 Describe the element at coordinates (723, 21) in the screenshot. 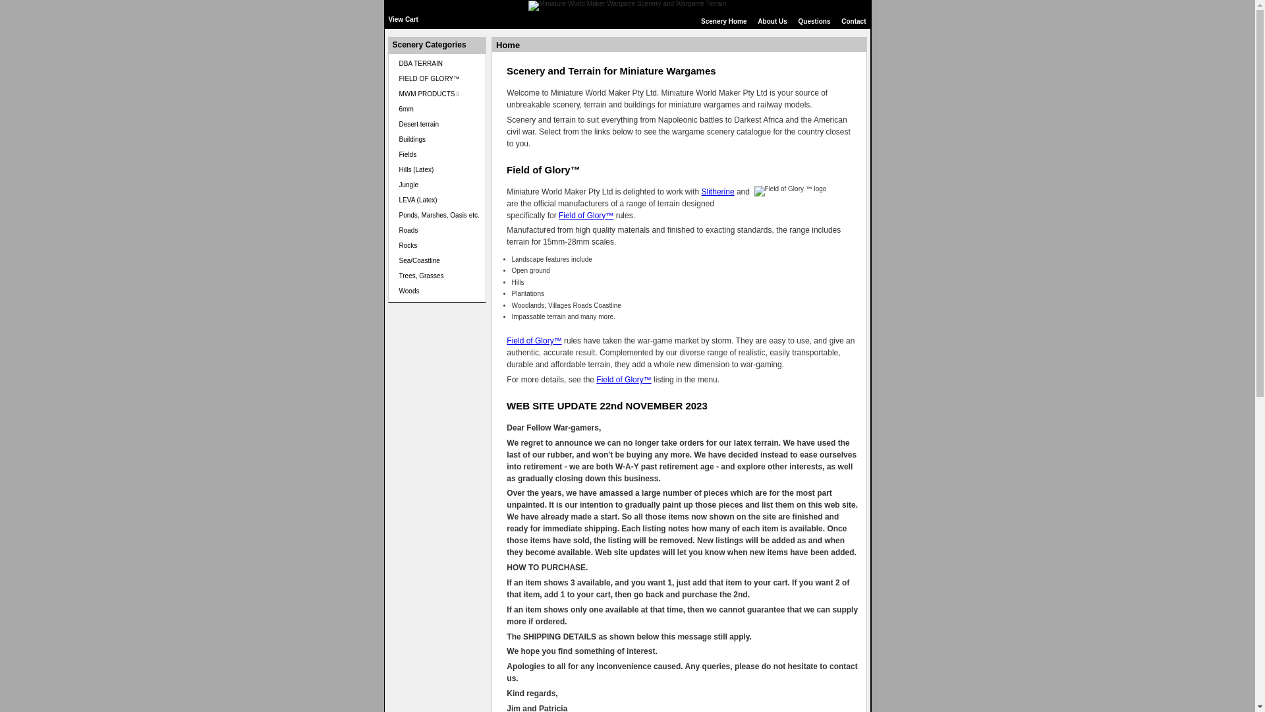

I see `'Scenery Home'` at that location.